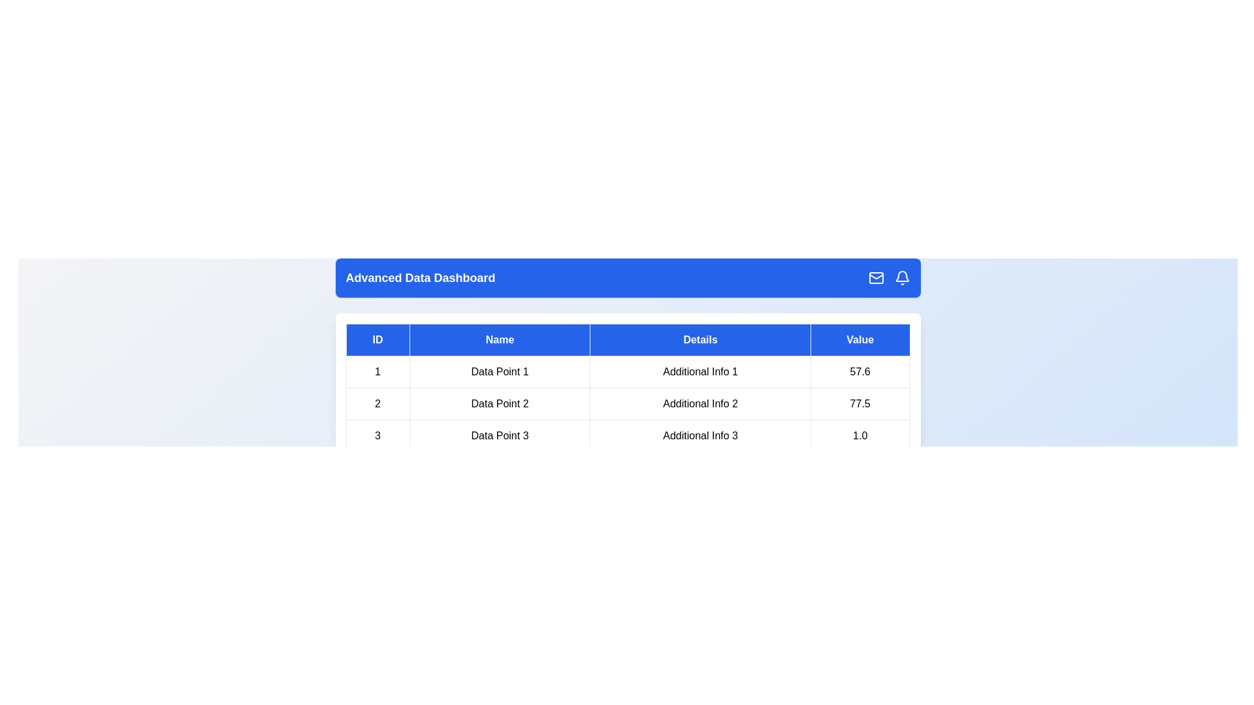 The height and width of the screenshot is (705, 1254). I want to click on the row corresponding to 1 by clicking on it, so click(628, 372).